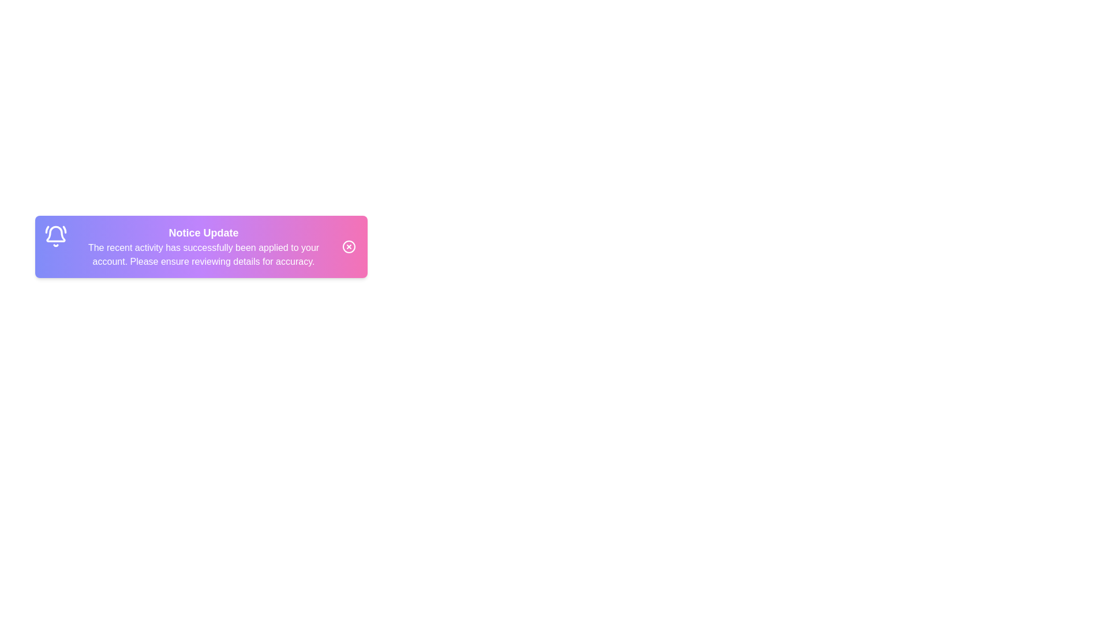  Describe the element at coordinates (55, 235) in the screenshot. I see `the bell icon in the notification component` at that location.